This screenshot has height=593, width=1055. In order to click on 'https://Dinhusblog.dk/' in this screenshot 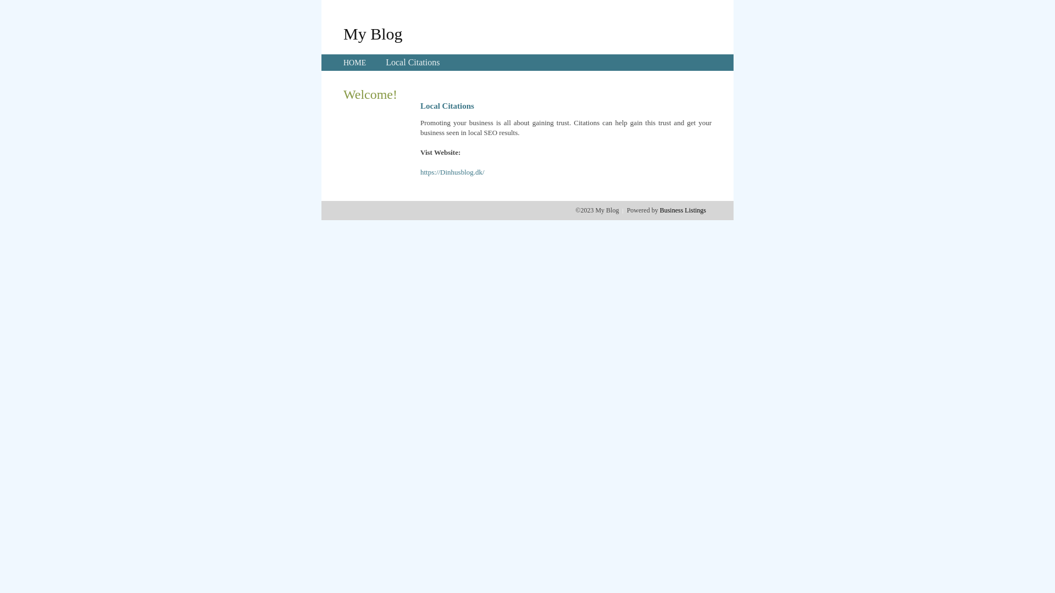, I will do `click(452, 172)`.